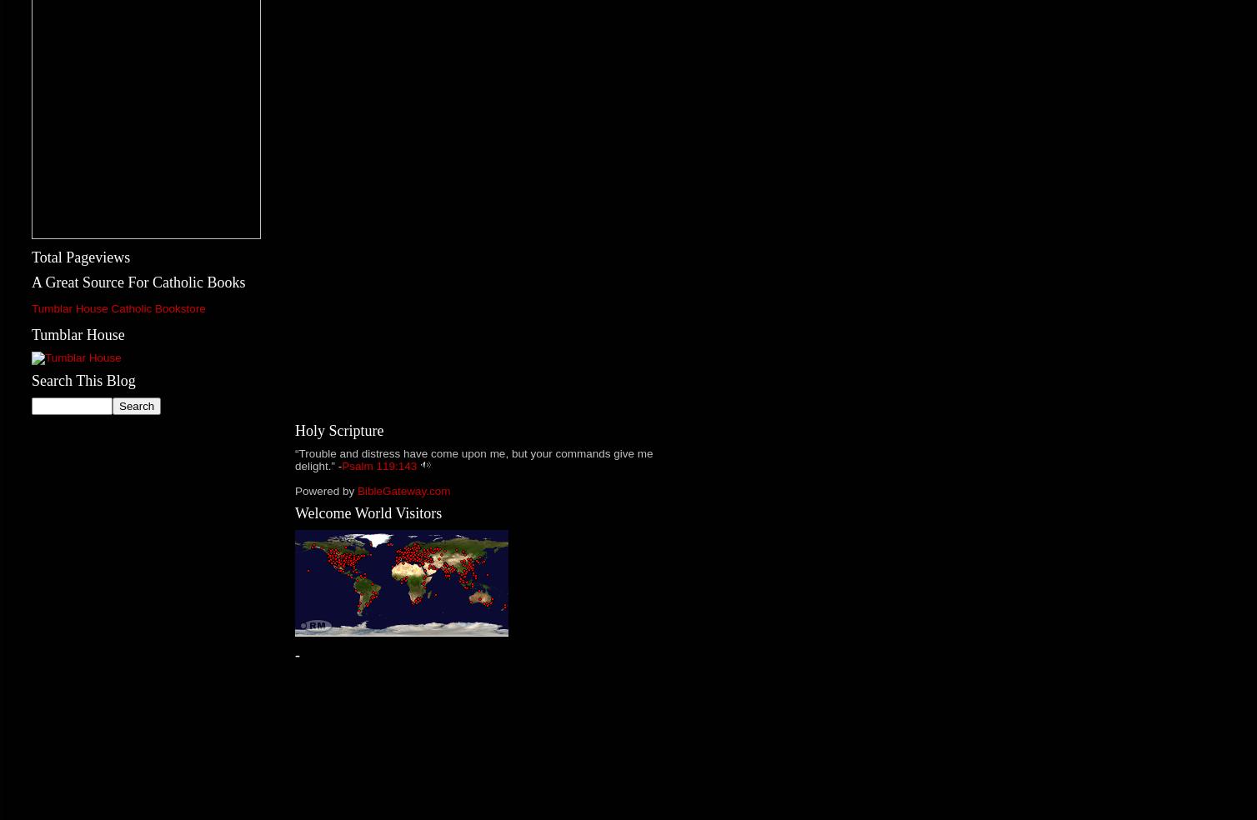  I want to click on 'Tumblar House Catholic Bookstore', so click(118, 308).